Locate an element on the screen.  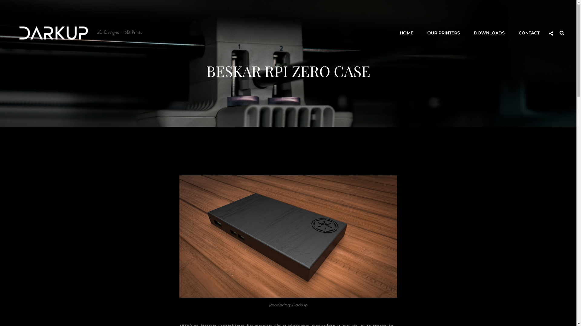
'Social Share' is located at coordinates (551, 34).